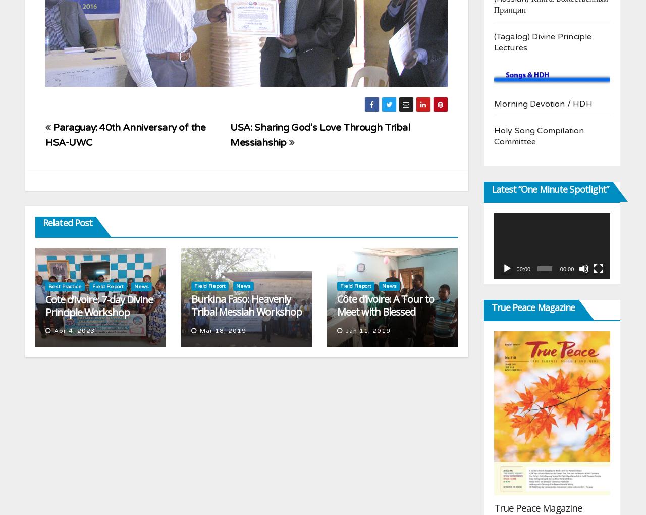 The image size is (646, 515). What do you see at coordinates (385, 311) in the screenshot?
I see `'Côte d’Ivoire: A Tour to Meet with Blessed Families'` at bounding box center [385, 311].